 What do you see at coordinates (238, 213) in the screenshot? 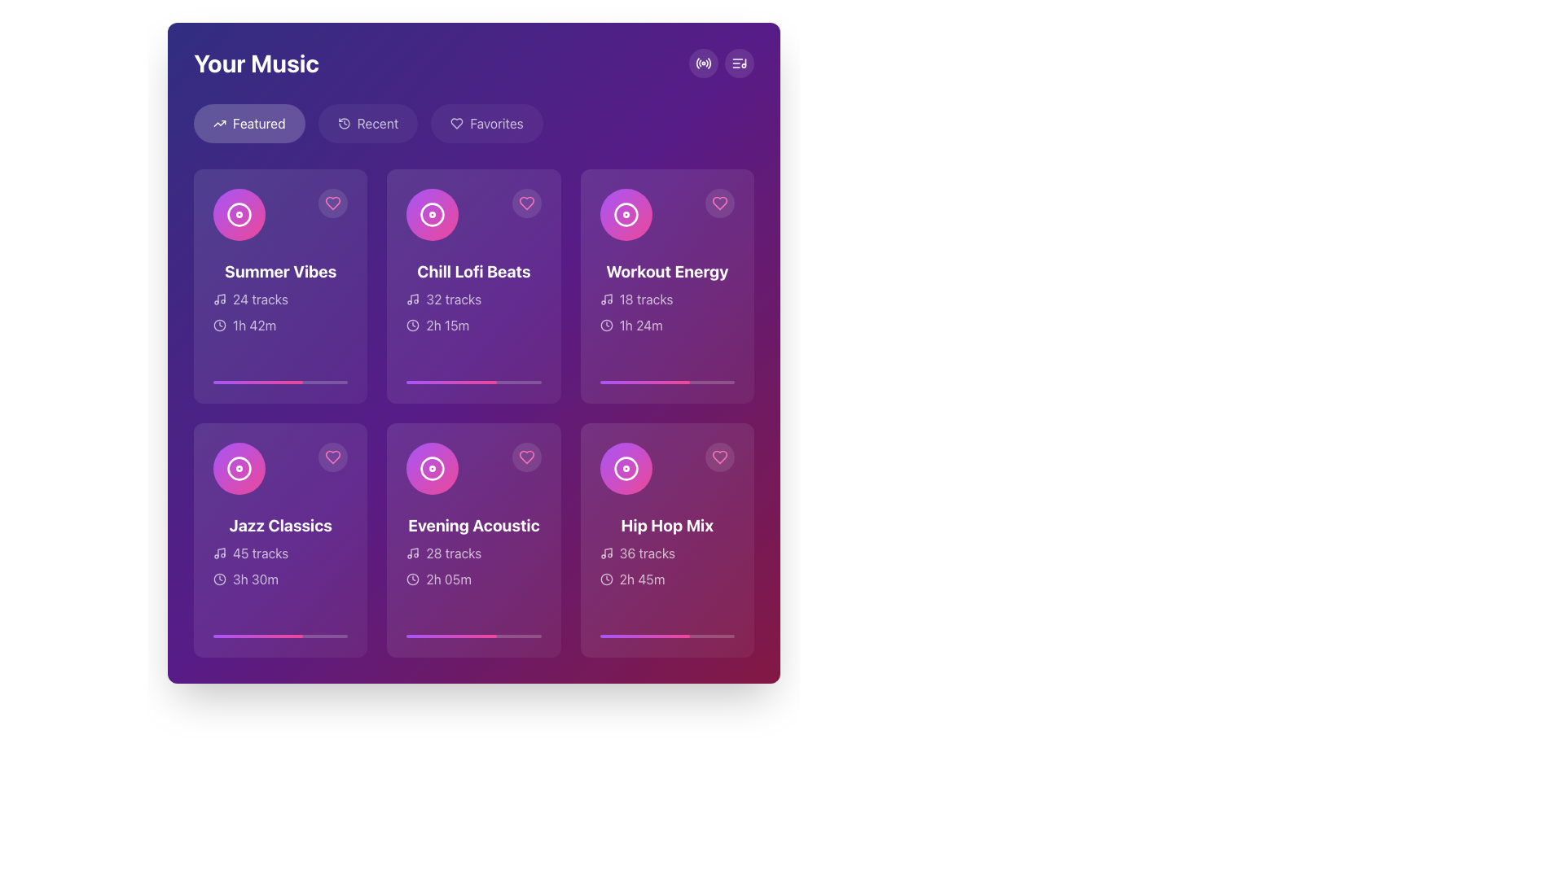
I see `the decorative icon in the top left of the 'Summer Vibes' card, which is the primary decorative icon above the text` at bounding box center [238, 213].